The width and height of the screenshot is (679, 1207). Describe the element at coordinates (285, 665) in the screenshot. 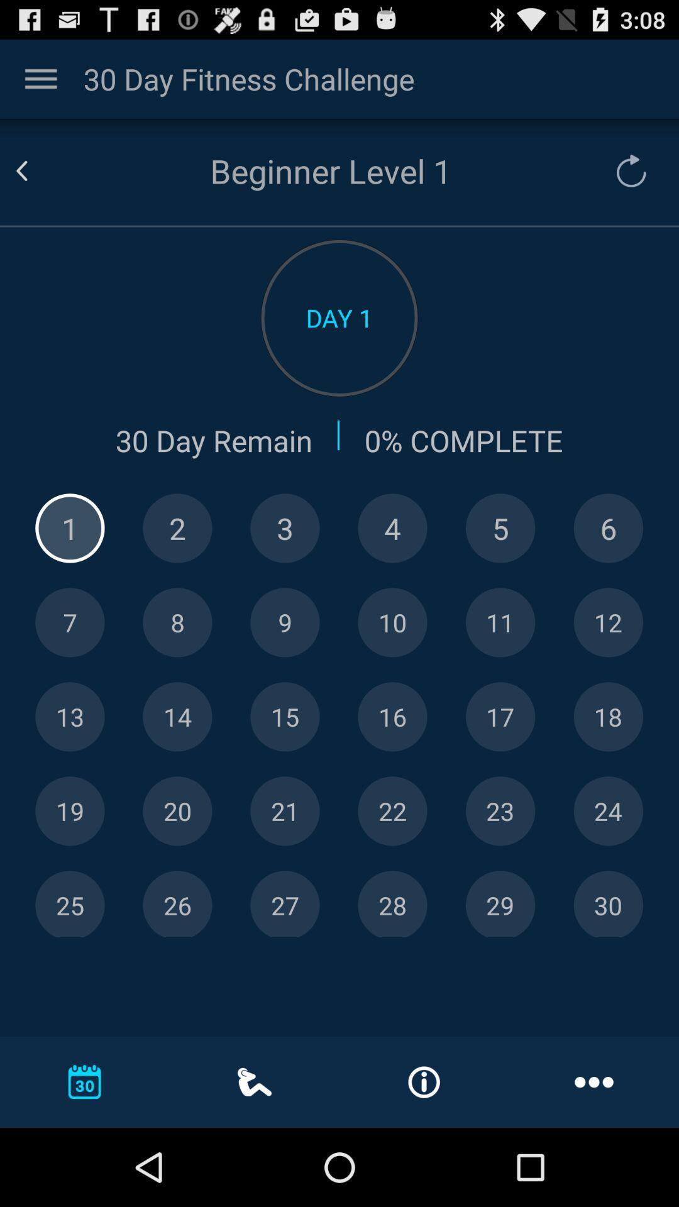

I see `the microphone icon` at that location.